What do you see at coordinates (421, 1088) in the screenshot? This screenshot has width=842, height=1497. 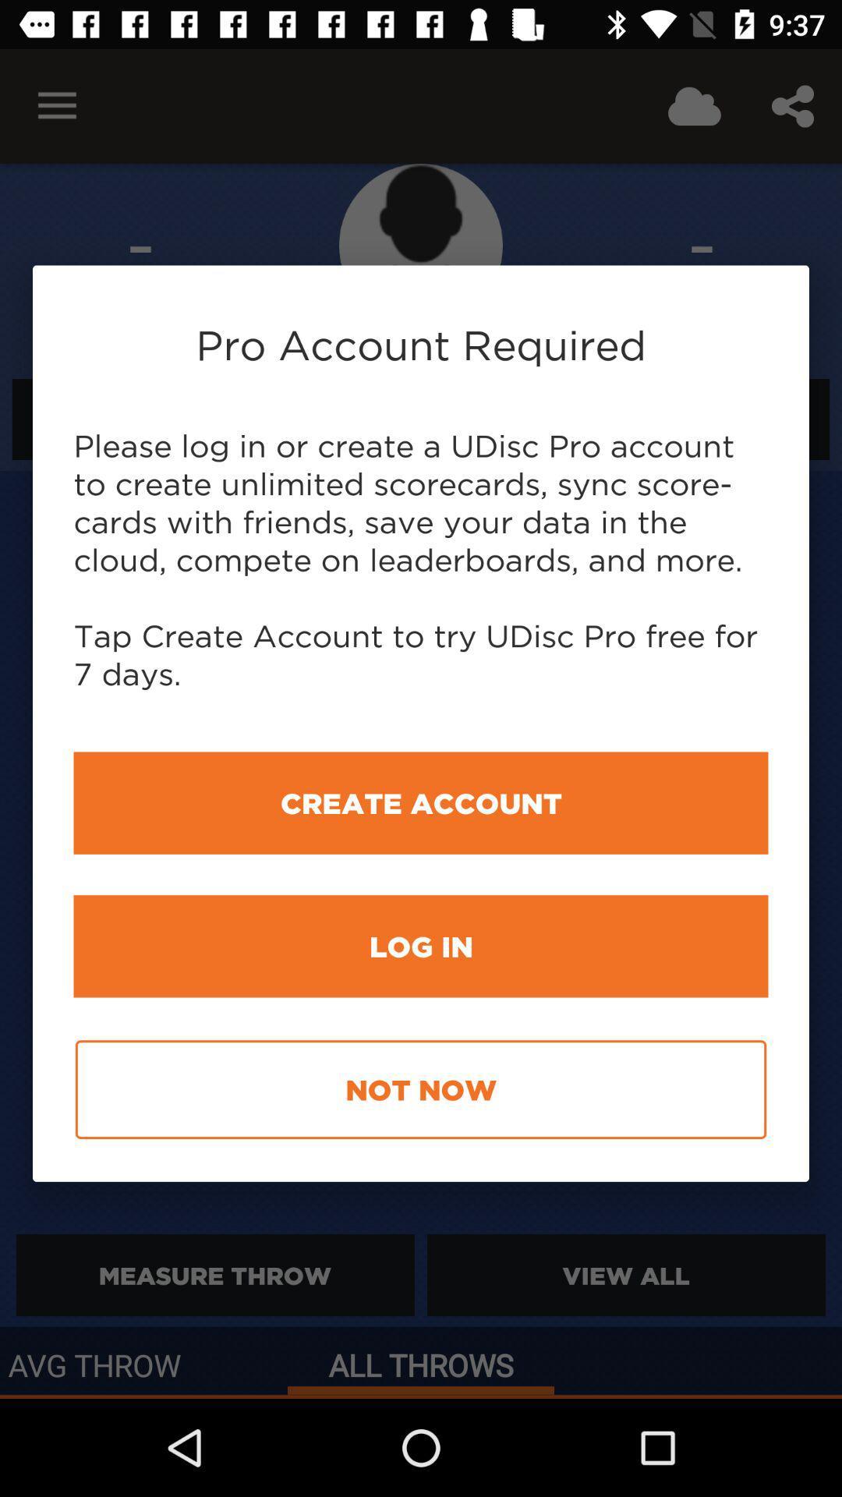 I see `item below log in icon` at bounding box center [421, 1088].